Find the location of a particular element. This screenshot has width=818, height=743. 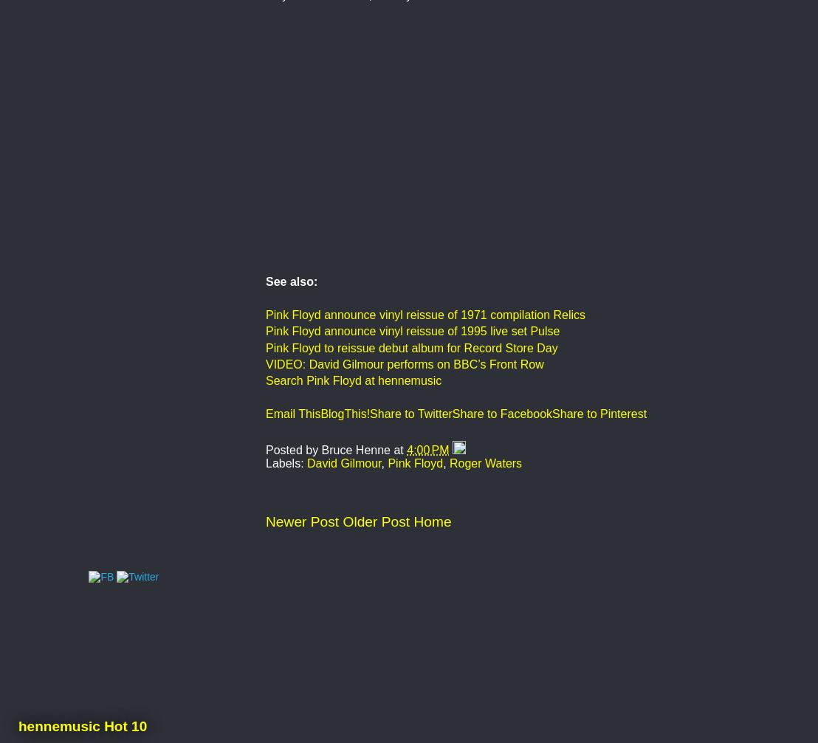

'Pink Floyd to reissue debut album for Record Store Day' is located at coordinates (411, 346).